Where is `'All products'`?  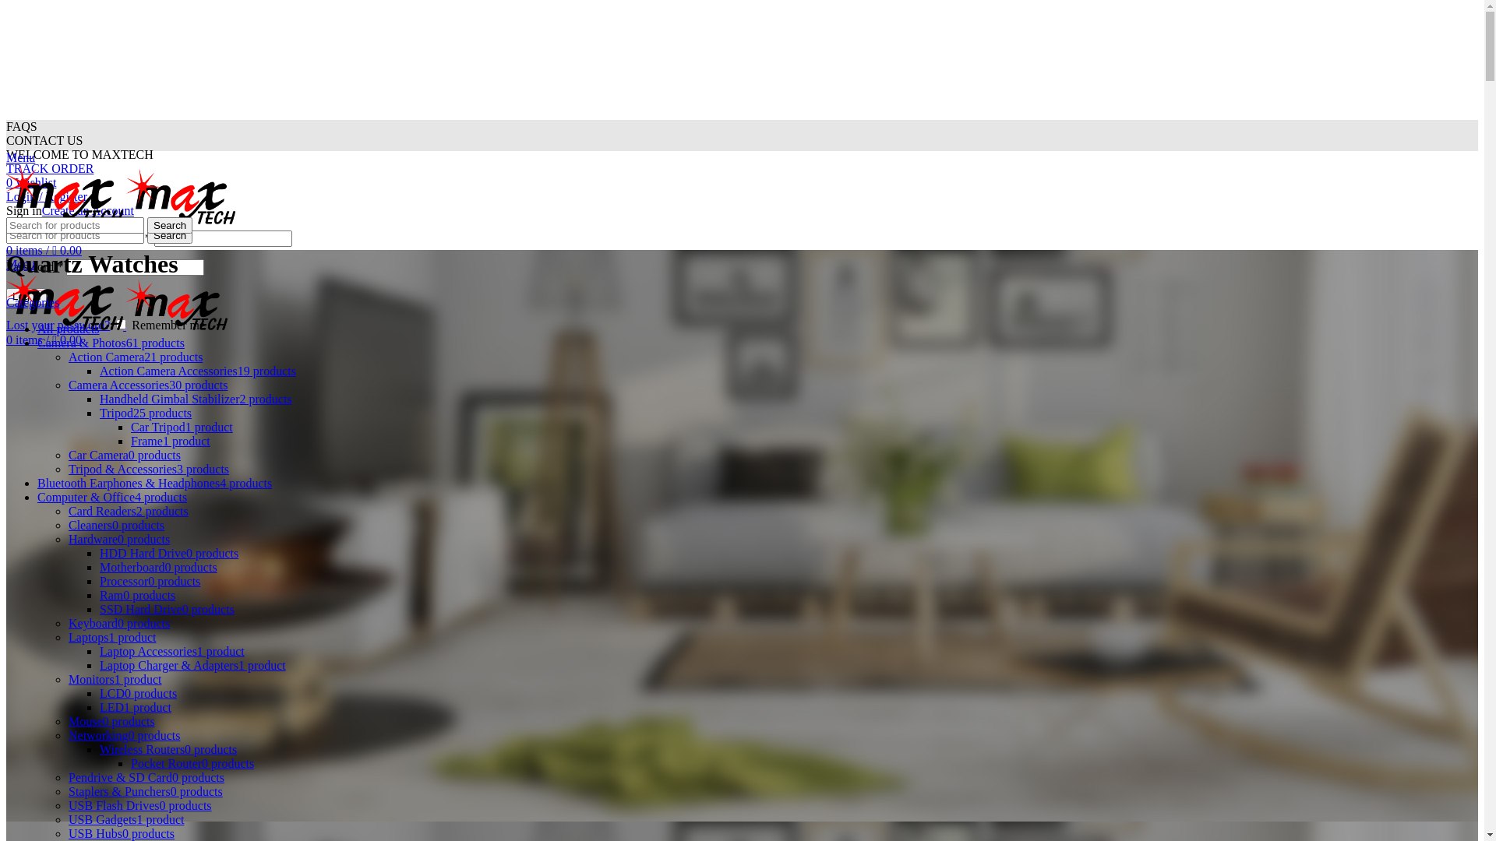 'All products' is located at coordinates (67, 328).